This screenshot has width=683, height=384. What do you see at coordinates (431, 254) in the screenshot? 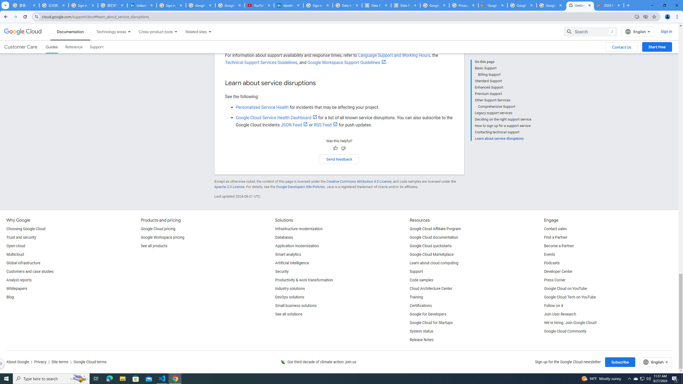
I see `'Google Cloud Marketplace'` at bounding box center [431, 254].